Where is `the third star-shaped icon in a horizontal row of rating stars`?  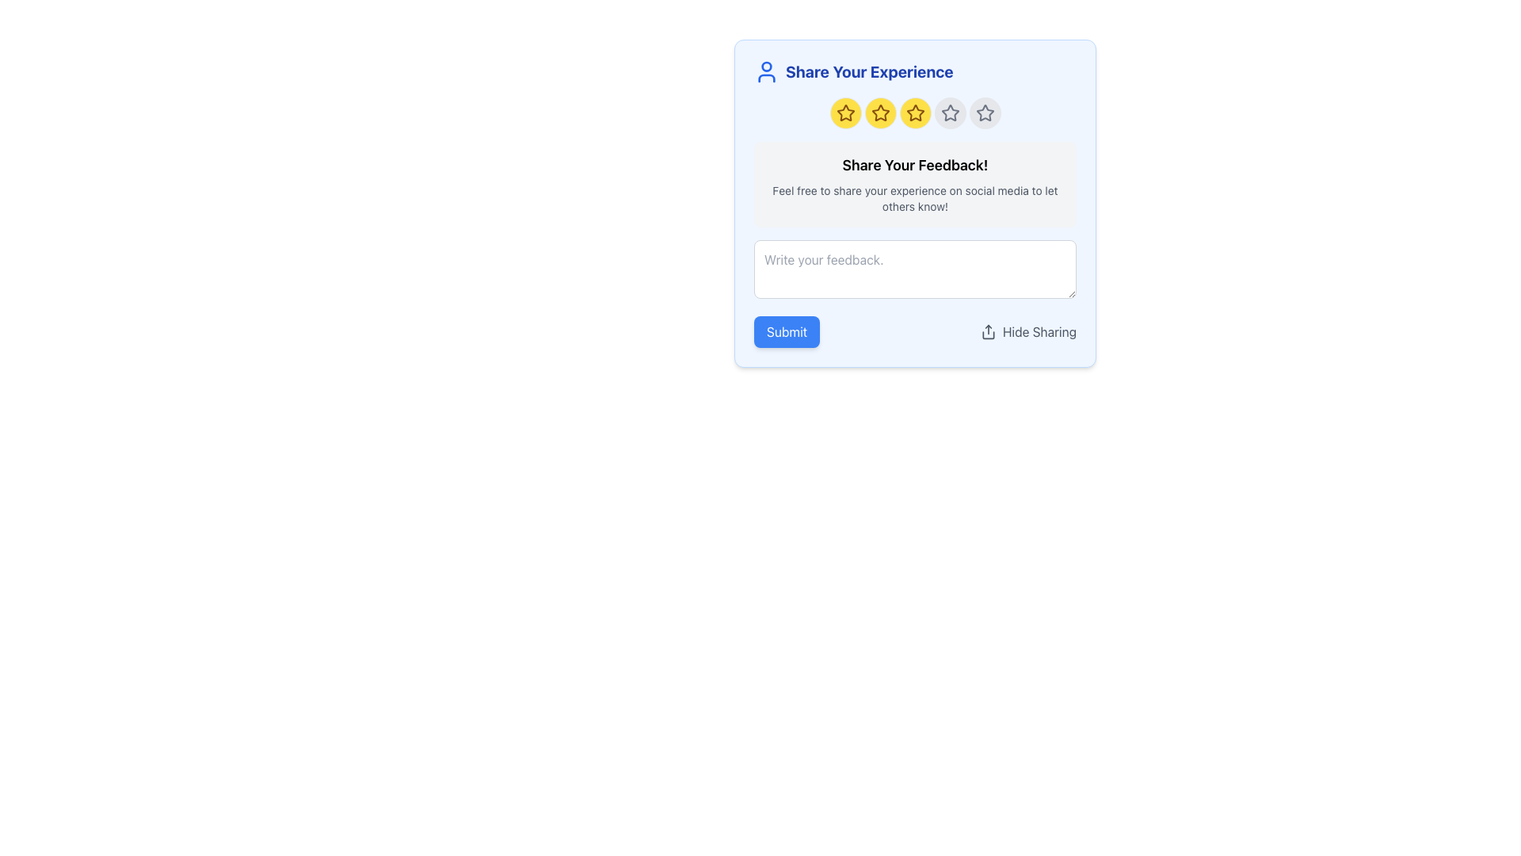 the third star-shaped icon in a horizontal row of rating stars is located at coordinates (915, 112).